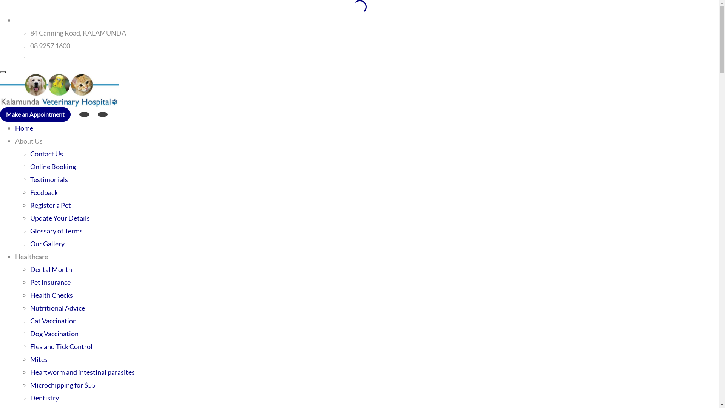 This screenshot has width=725, height=408. Describe the element at coordinates (48, 179) in the screenshot. I see `'Testimonials'` at that location.